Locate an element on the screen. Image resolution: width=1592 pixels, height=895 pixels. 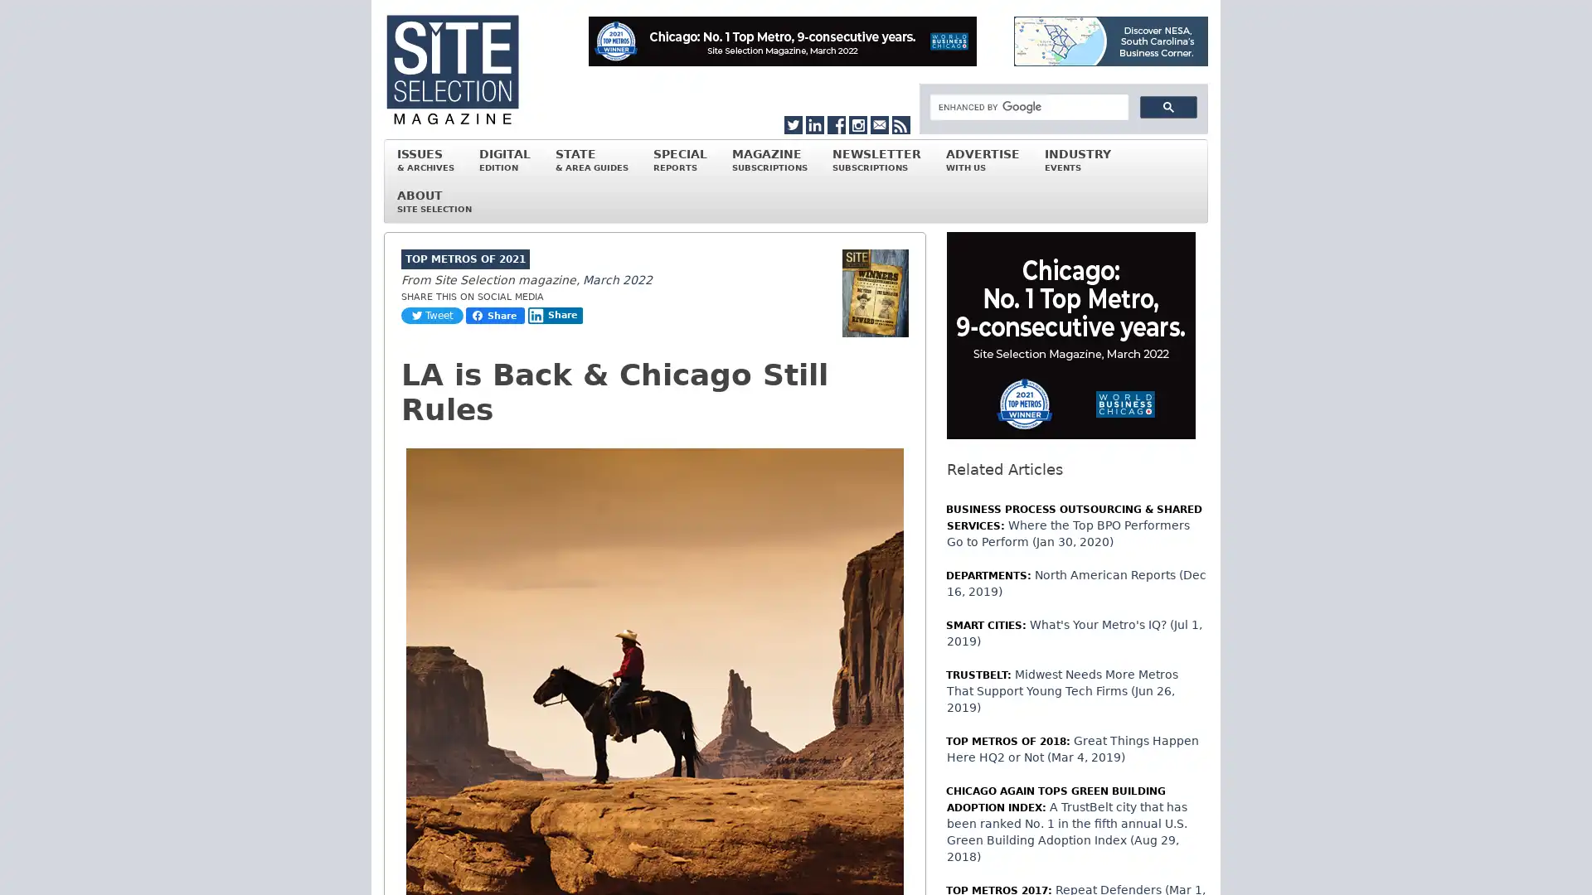
Share is located at coordinates (555, 316).